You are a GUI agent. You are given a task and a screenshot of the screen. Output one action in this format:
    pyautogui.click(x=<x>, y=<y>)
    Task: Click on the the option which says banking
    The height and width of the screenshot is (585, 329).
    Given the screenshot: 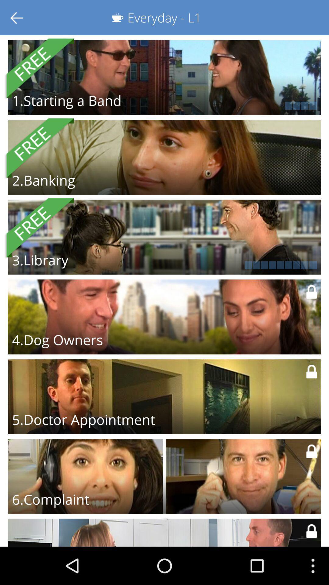 What is the action you would take?
    pyautogui.click(x=164, y=158)
    